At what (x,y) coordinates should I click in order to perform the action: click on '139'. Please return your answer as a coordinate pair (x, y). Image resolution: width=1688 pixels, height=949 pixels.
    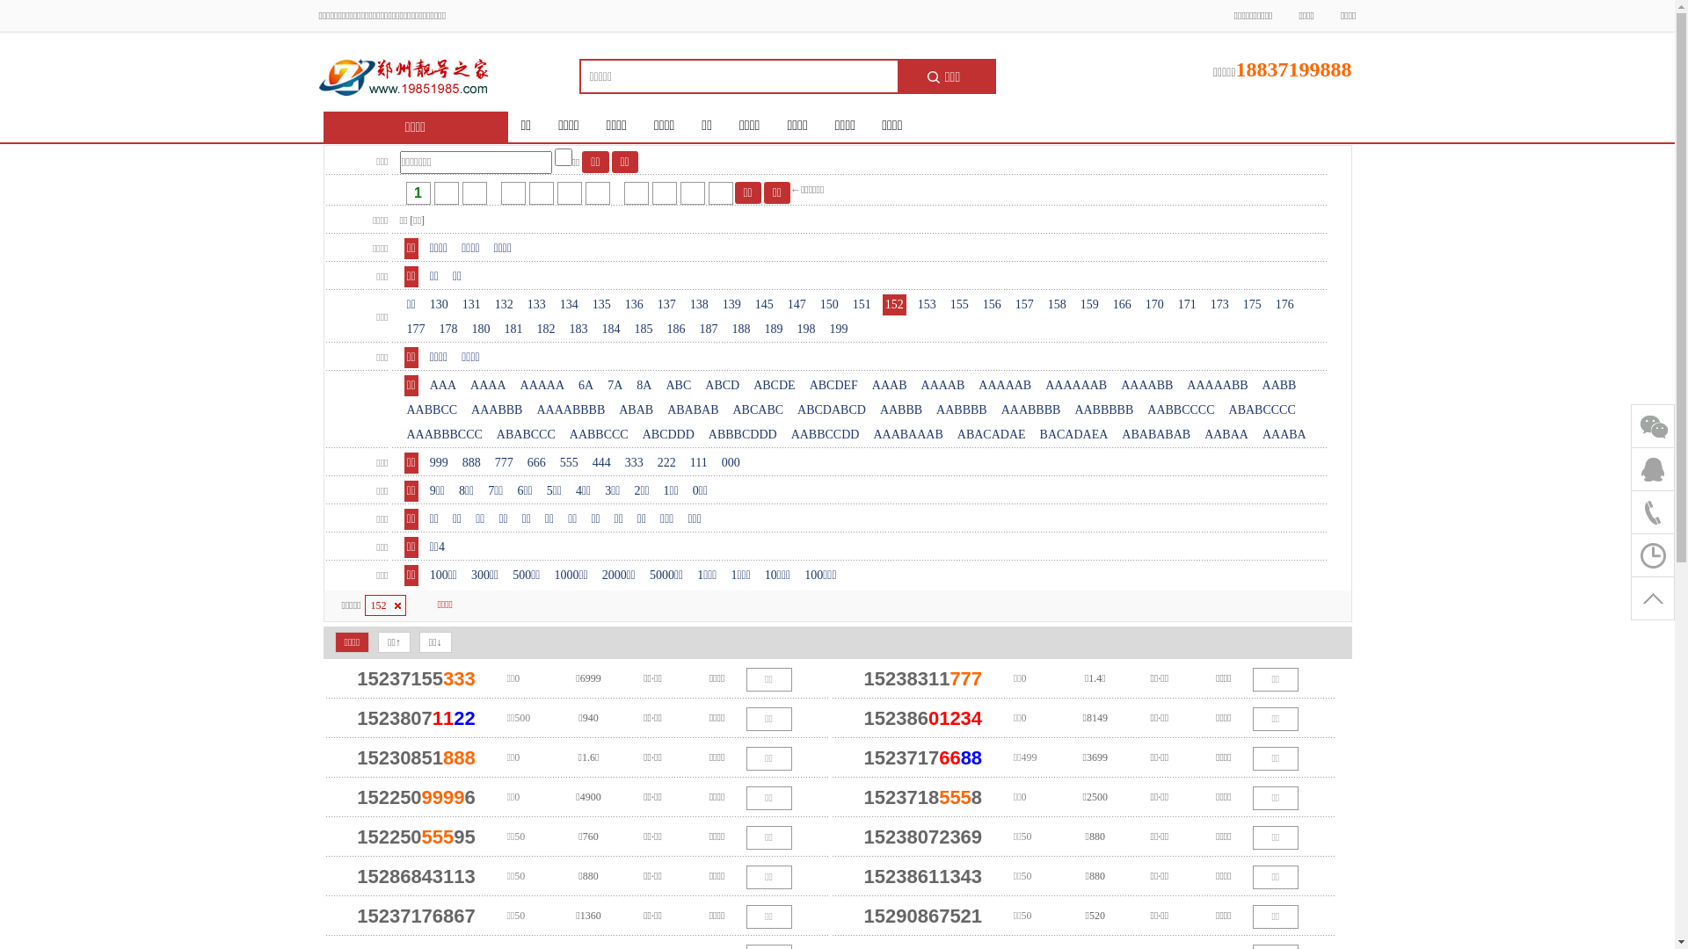
    Looking at the image, I should click on (731, 304).